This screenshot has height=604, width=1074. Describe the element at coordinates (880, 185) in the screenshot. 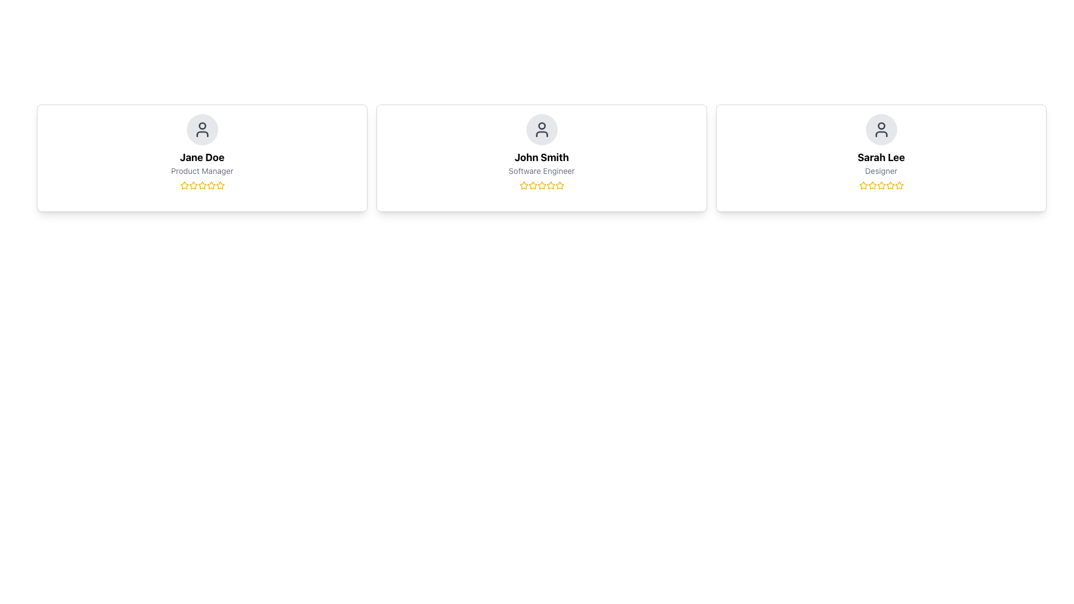

I see `the fourth star-shaped icon with a yellow fill color in the rating section under the 'Sarah Lee' profile` at that location.